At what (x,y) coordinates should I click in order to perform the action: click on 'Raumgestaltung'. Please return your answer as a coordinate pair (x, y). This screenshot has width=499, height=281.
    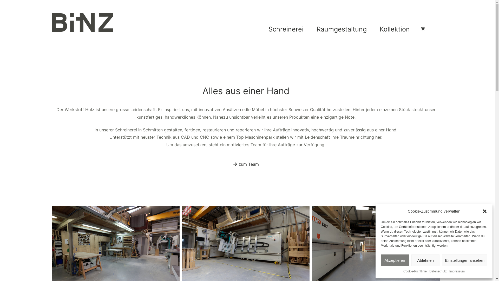
    Looking at the image, I should click on (311, 29).